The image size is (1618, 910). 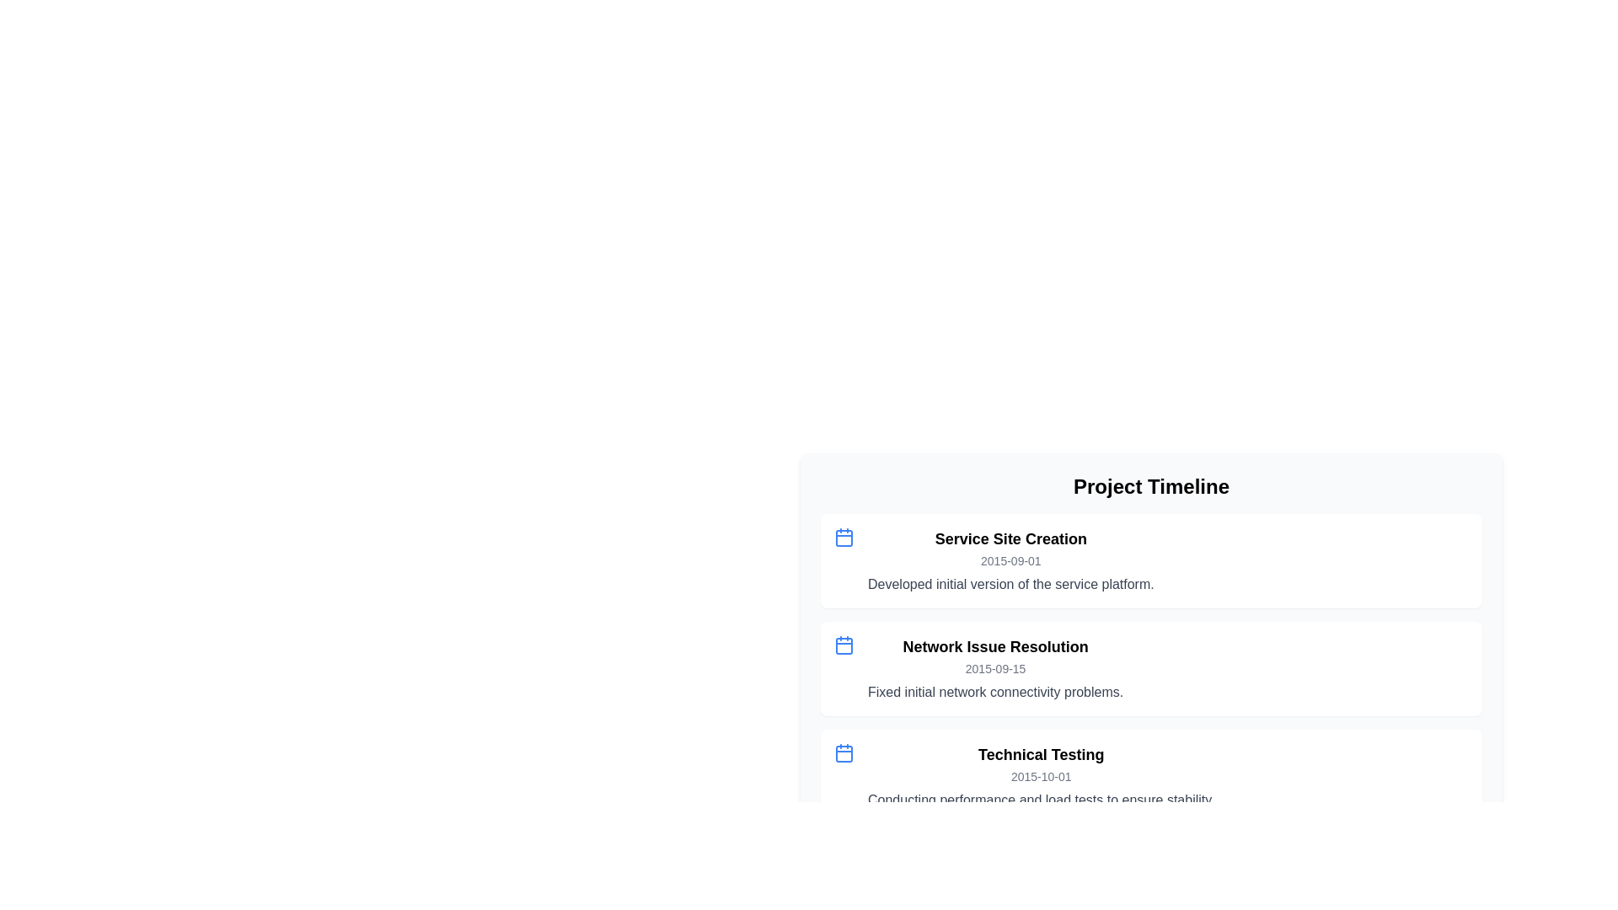 What do you see at coordinates (1150, 561) in the screenshot?
I see `the first Card component that displays a project milestone, positioned at the top of the vertical list of milestones` at bounding box center [1150, 561].